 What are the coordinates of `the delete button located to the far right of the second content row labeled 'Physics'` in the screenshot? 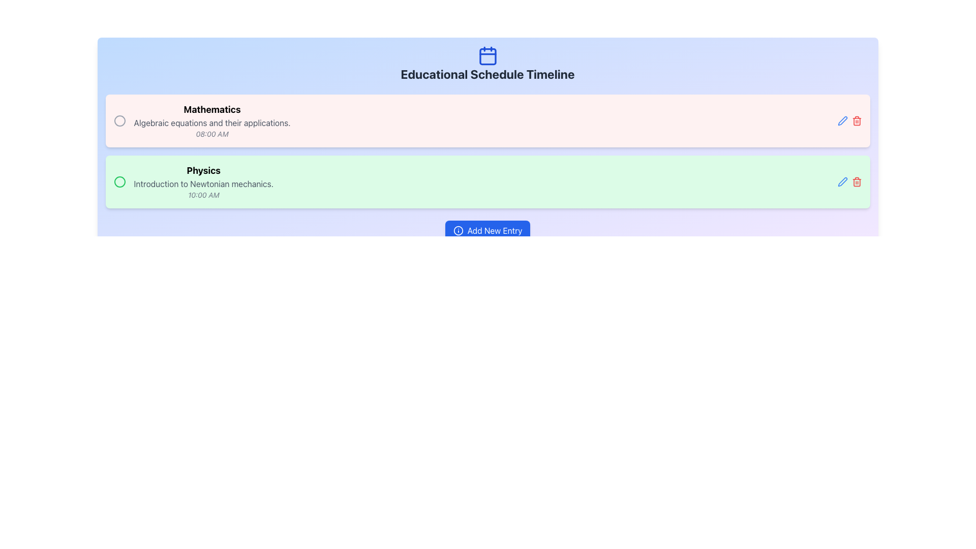 It's located at (856, 181).